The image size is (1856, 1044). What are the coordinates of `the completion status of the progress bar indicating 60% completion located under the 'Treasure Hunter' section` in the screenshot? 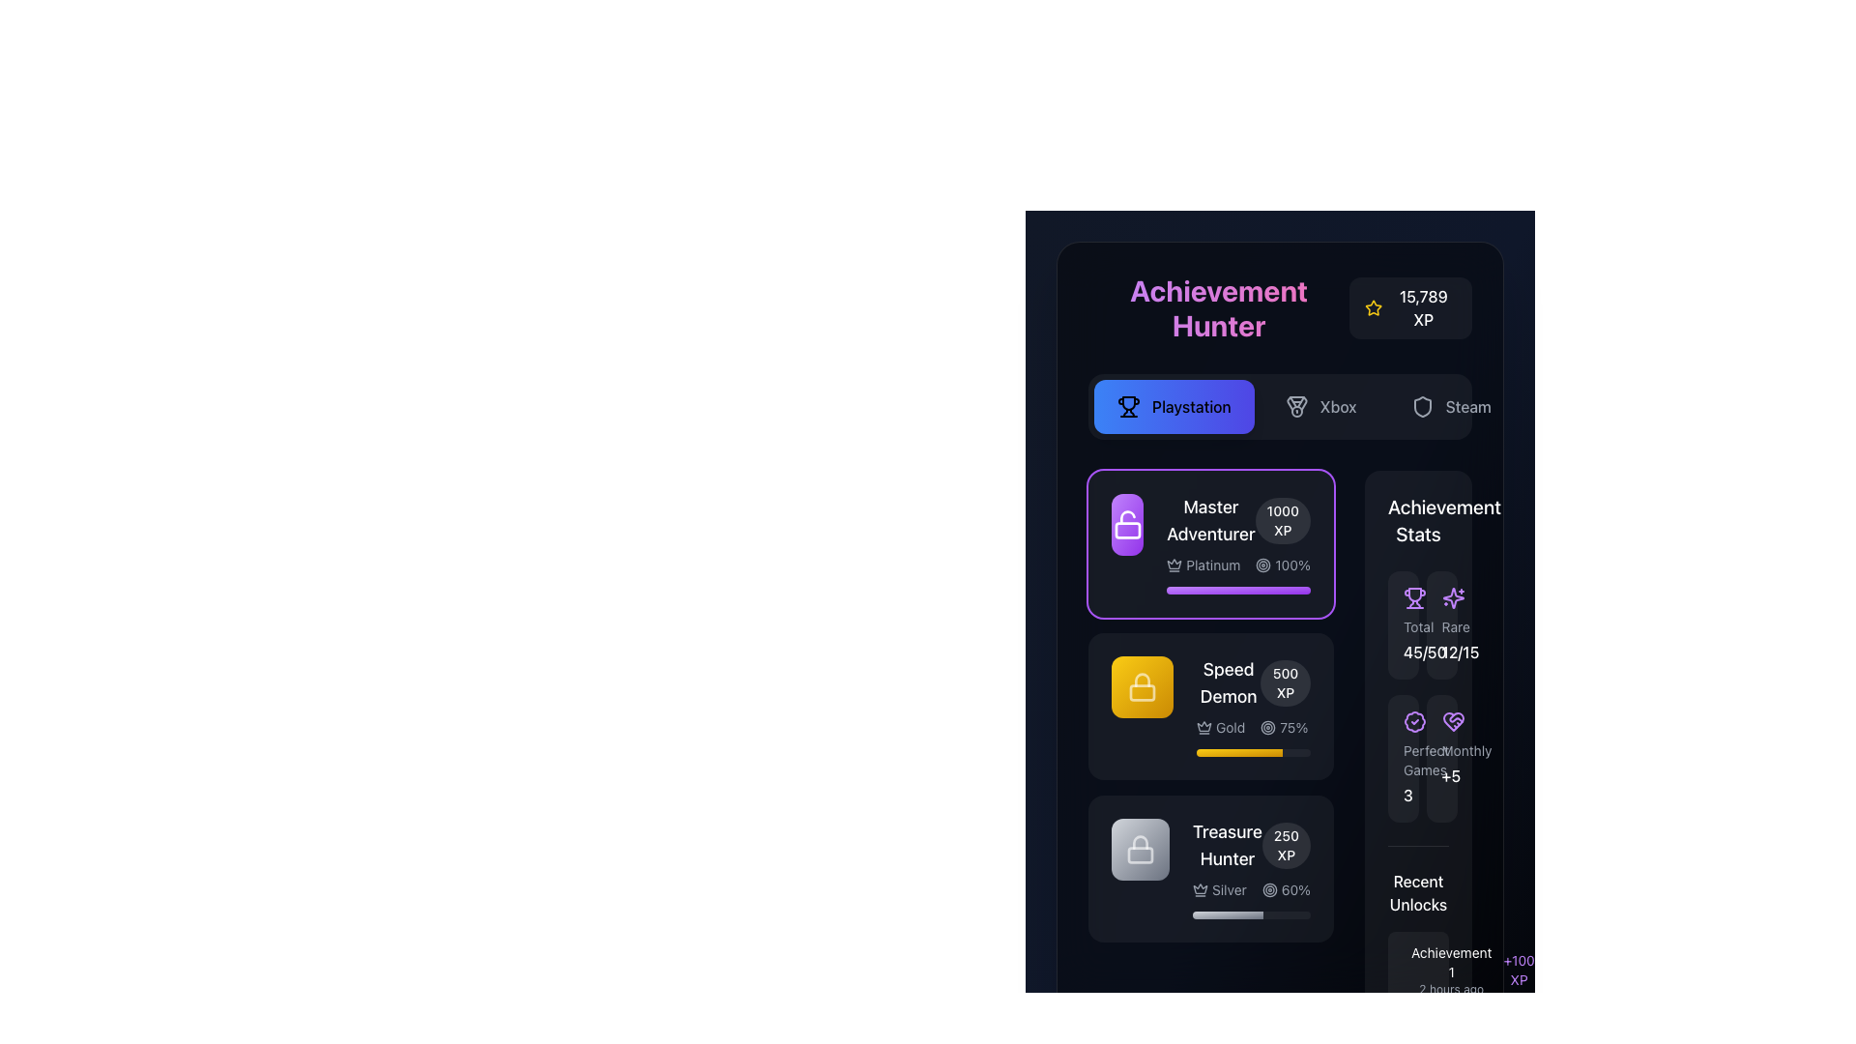 It's located at (1227, 914).